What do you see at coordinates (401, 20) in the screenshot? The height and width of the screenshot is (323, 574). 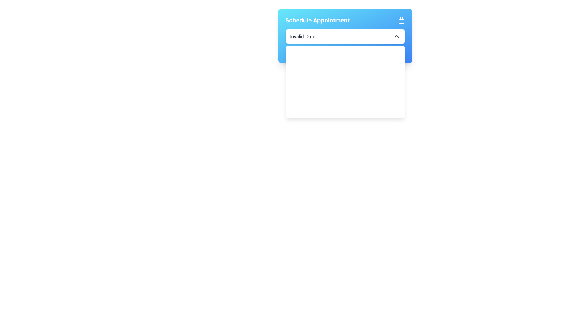 I see `the calendar icon located in the top-right corner of the 'Schedule Appointment' header` at bounding box center [401, 20].